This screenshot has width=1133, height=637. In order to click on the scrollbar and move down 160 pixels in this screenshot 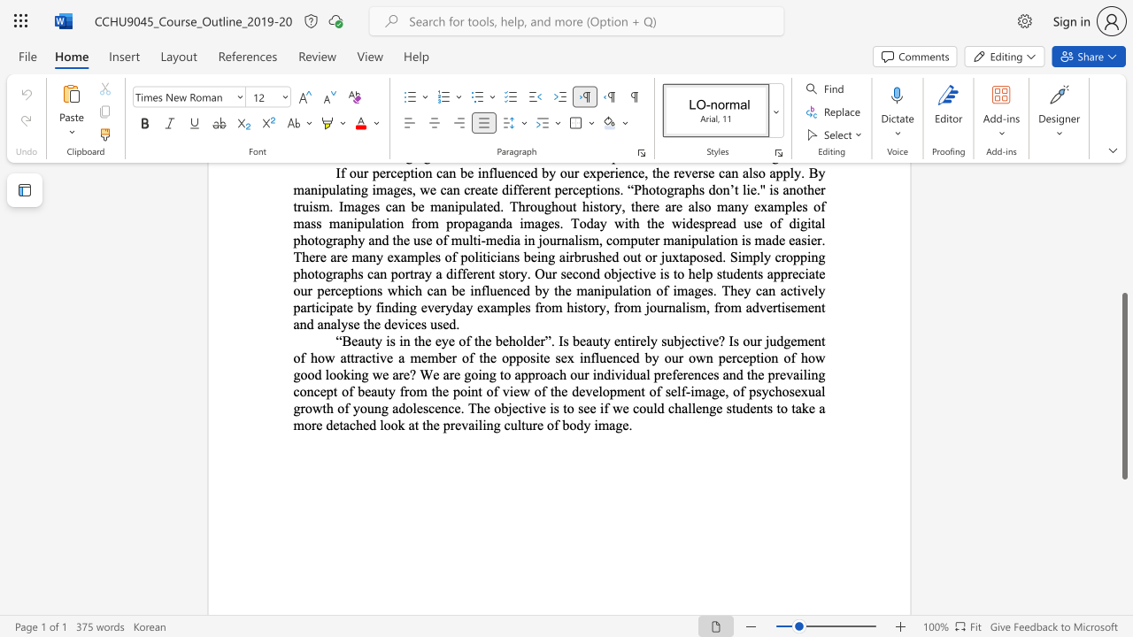, I will do `click(1123, 385)`.